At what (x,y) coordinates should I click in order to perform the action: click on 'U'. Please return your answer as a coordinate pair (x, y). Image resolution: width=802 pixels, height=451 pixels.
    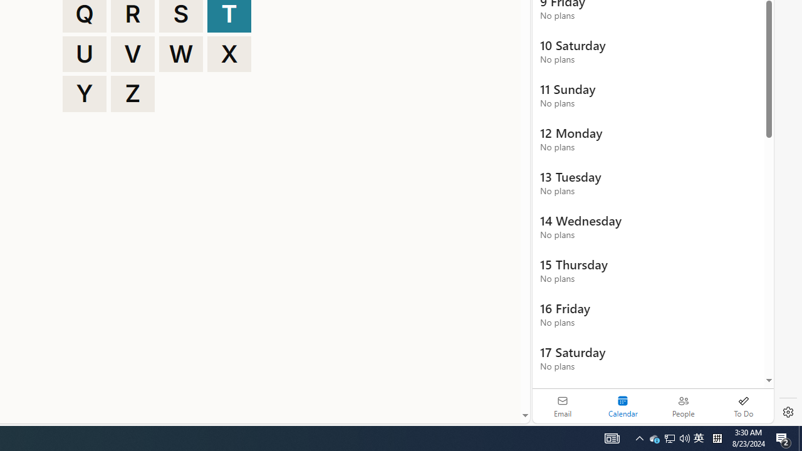
    Looking at the image, I should click on (84, 53).